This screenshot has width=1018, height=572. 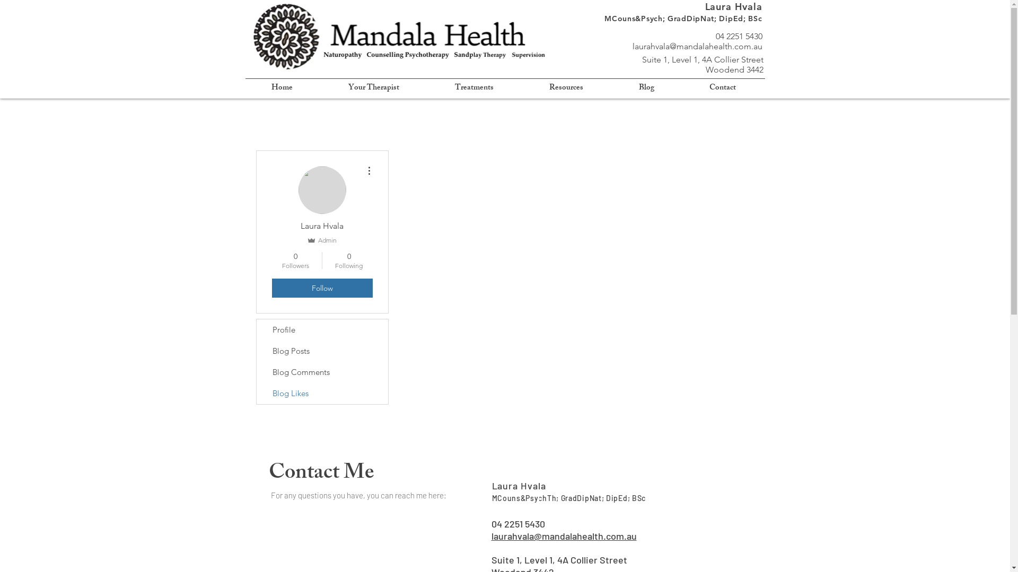 I want to click on 'Blog Likes', so click(x=322, y=394).